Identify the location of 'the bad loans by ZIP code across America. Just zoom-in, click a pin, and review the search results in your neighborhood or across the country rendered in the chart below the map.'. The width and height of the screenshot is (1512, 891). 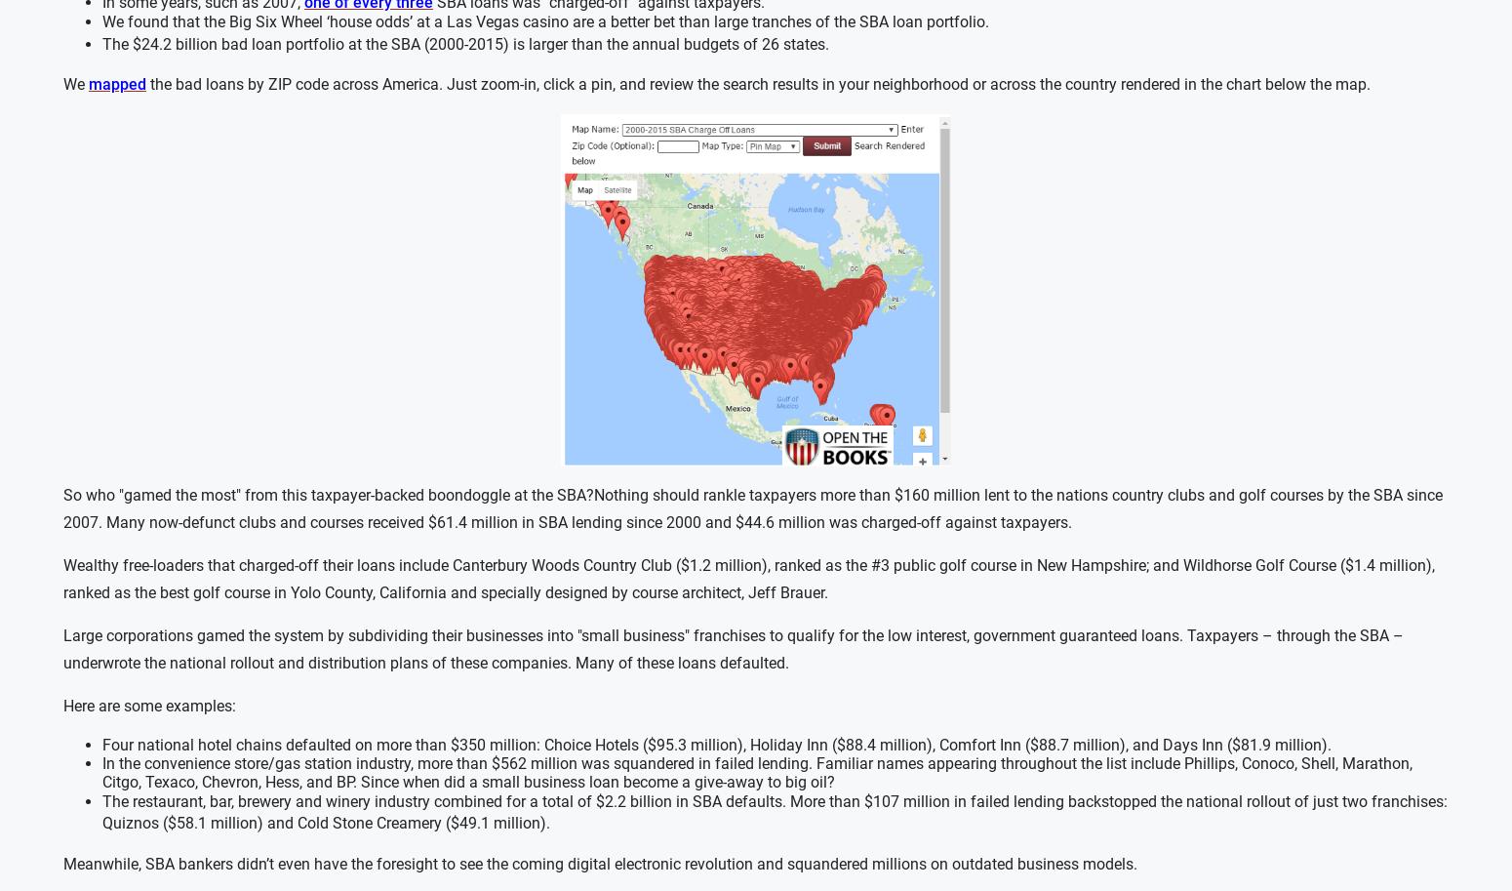
(757, 84).